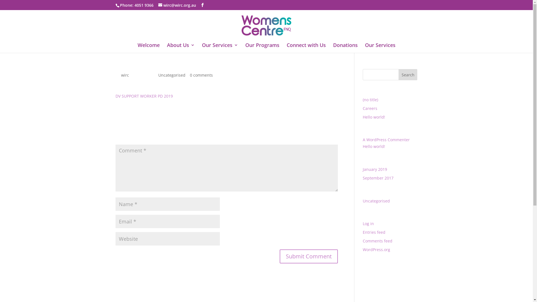 The height and width of the screenshot is (302, 537). What do you see at coordinates (180, 48) in the screenshot?
I see `'About Us'` at bounding box center [180, 48].